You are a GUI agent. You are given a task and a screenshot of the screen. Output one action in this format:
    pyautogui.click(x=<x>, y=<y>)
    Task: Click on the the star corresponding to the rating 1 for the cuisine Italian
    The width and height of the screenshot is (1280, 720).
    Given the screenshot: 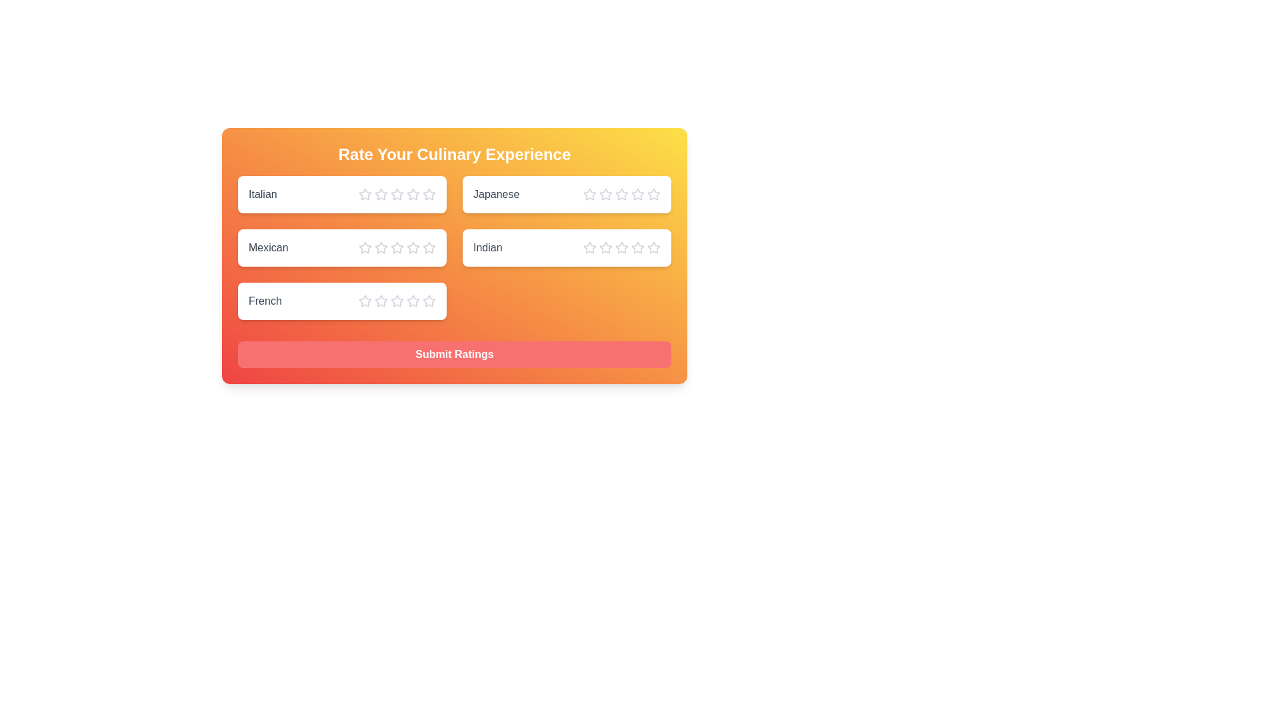 What is the action you would take?
    pyautogui.click(x=365, y=195)
    